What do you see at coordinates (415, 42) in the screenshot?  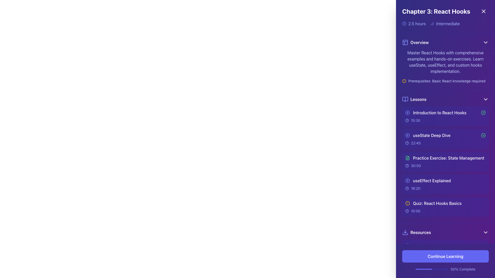 I see `the 'Overview' text element, which has an indigo icon resembling a box layout to its left, located in the sidebar below 'Chapter 3: React Hooks'` at bounding box center [415, 42].